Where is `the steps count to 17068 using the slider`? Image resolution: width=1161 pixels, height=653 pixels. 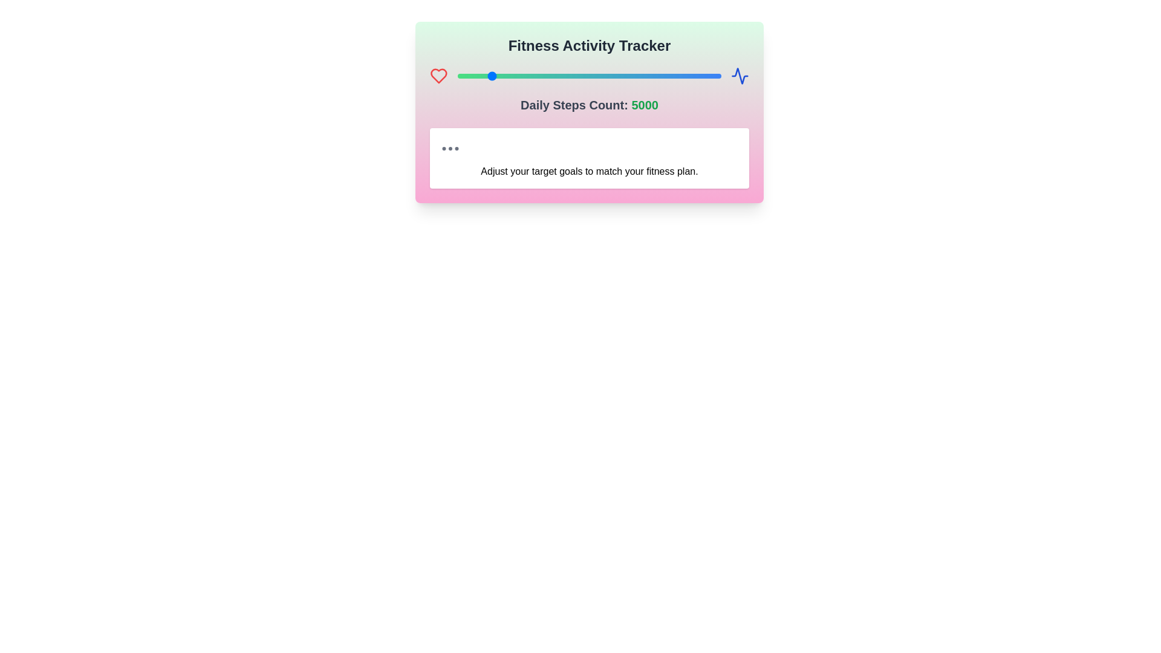
the steps count to 17068 using the slider is located at coordinates (675, 76).